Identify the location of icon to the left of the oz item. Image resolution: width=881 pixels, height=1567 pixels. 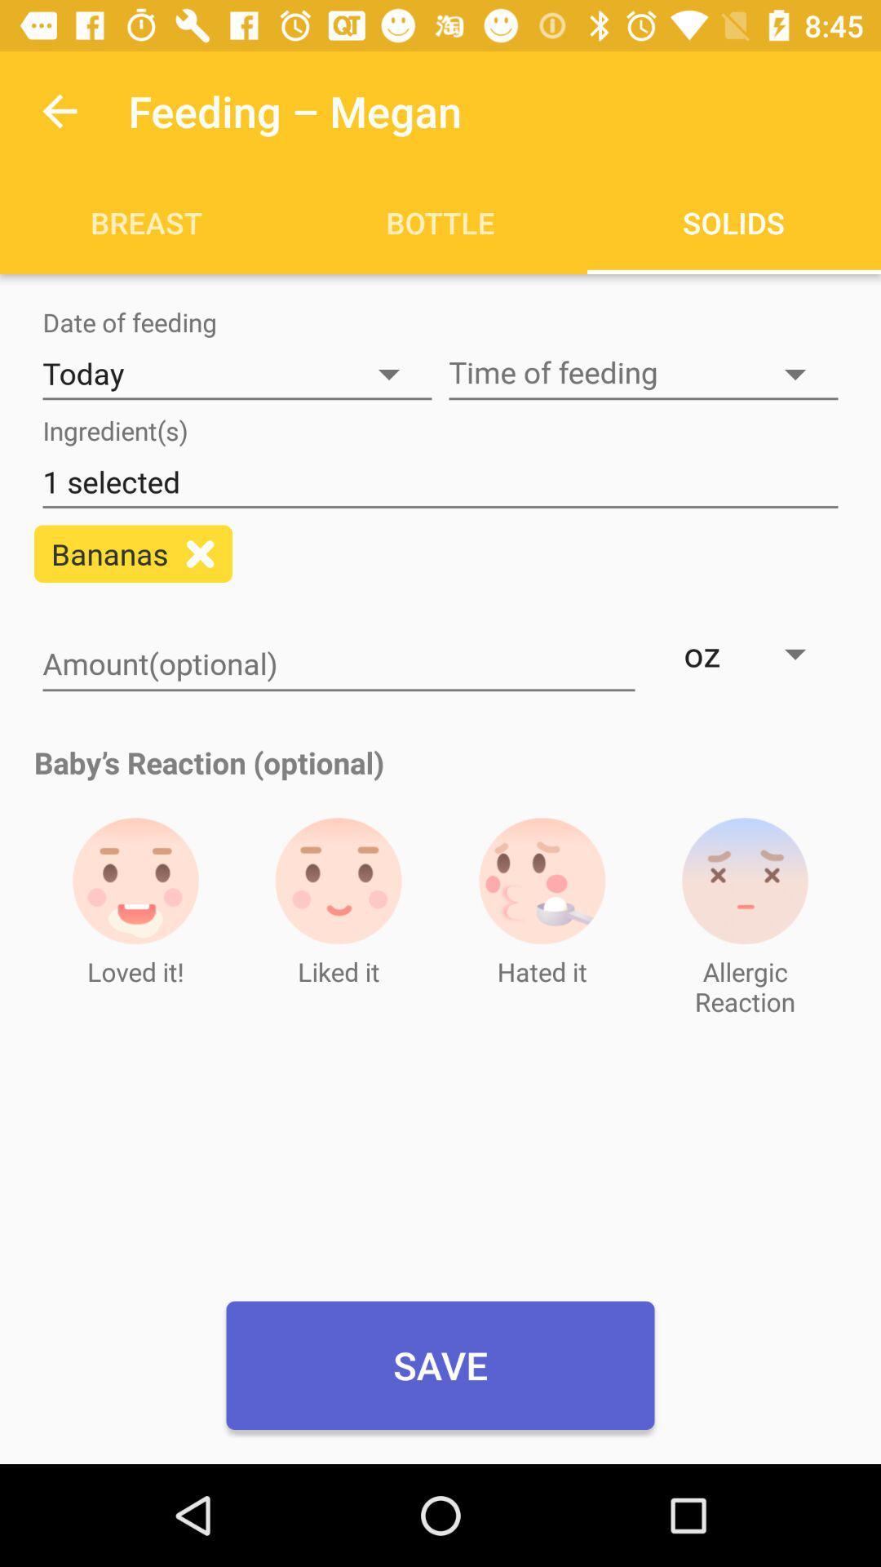
(338, 665).